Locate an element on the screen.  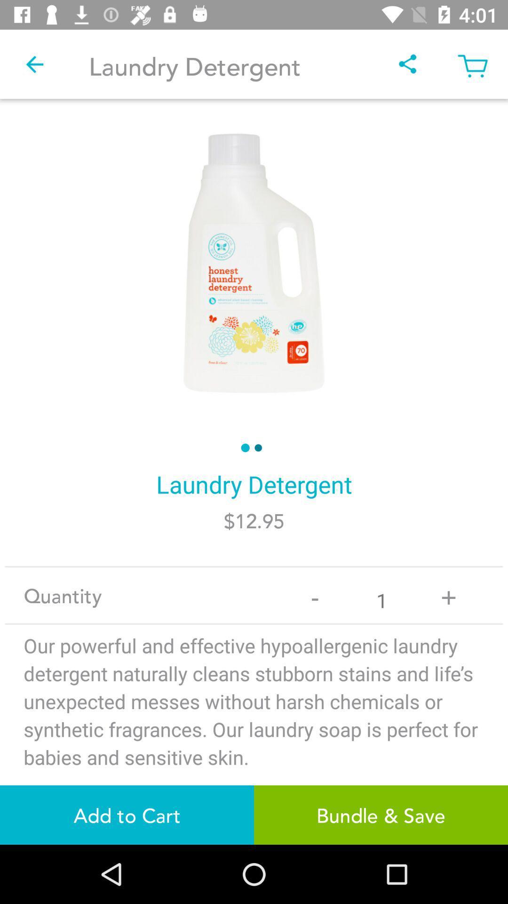
add to cart item is located at coordinates (127, 815).